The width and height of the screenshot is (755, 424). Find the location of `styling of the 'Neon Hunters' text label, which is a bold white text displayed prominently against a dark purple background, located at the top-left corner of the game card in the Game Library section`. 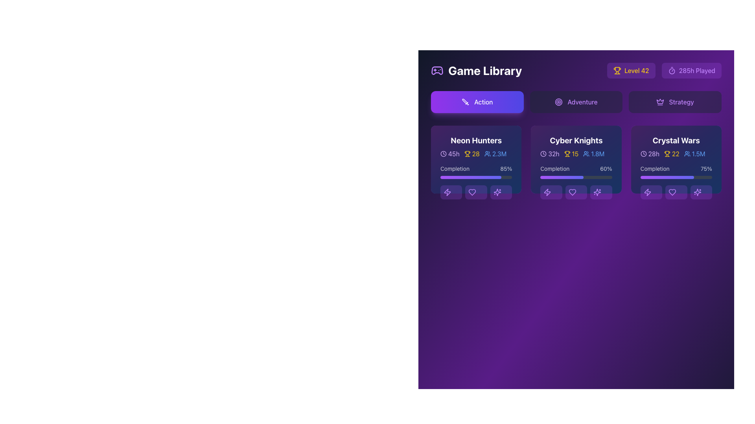

styling of the 'Neon Hunters' text label, which is a bold white text displayed prominently against a dark purple background, located at the top-left corner of the game card in the Game Library section is located at coordinates (476, 140).